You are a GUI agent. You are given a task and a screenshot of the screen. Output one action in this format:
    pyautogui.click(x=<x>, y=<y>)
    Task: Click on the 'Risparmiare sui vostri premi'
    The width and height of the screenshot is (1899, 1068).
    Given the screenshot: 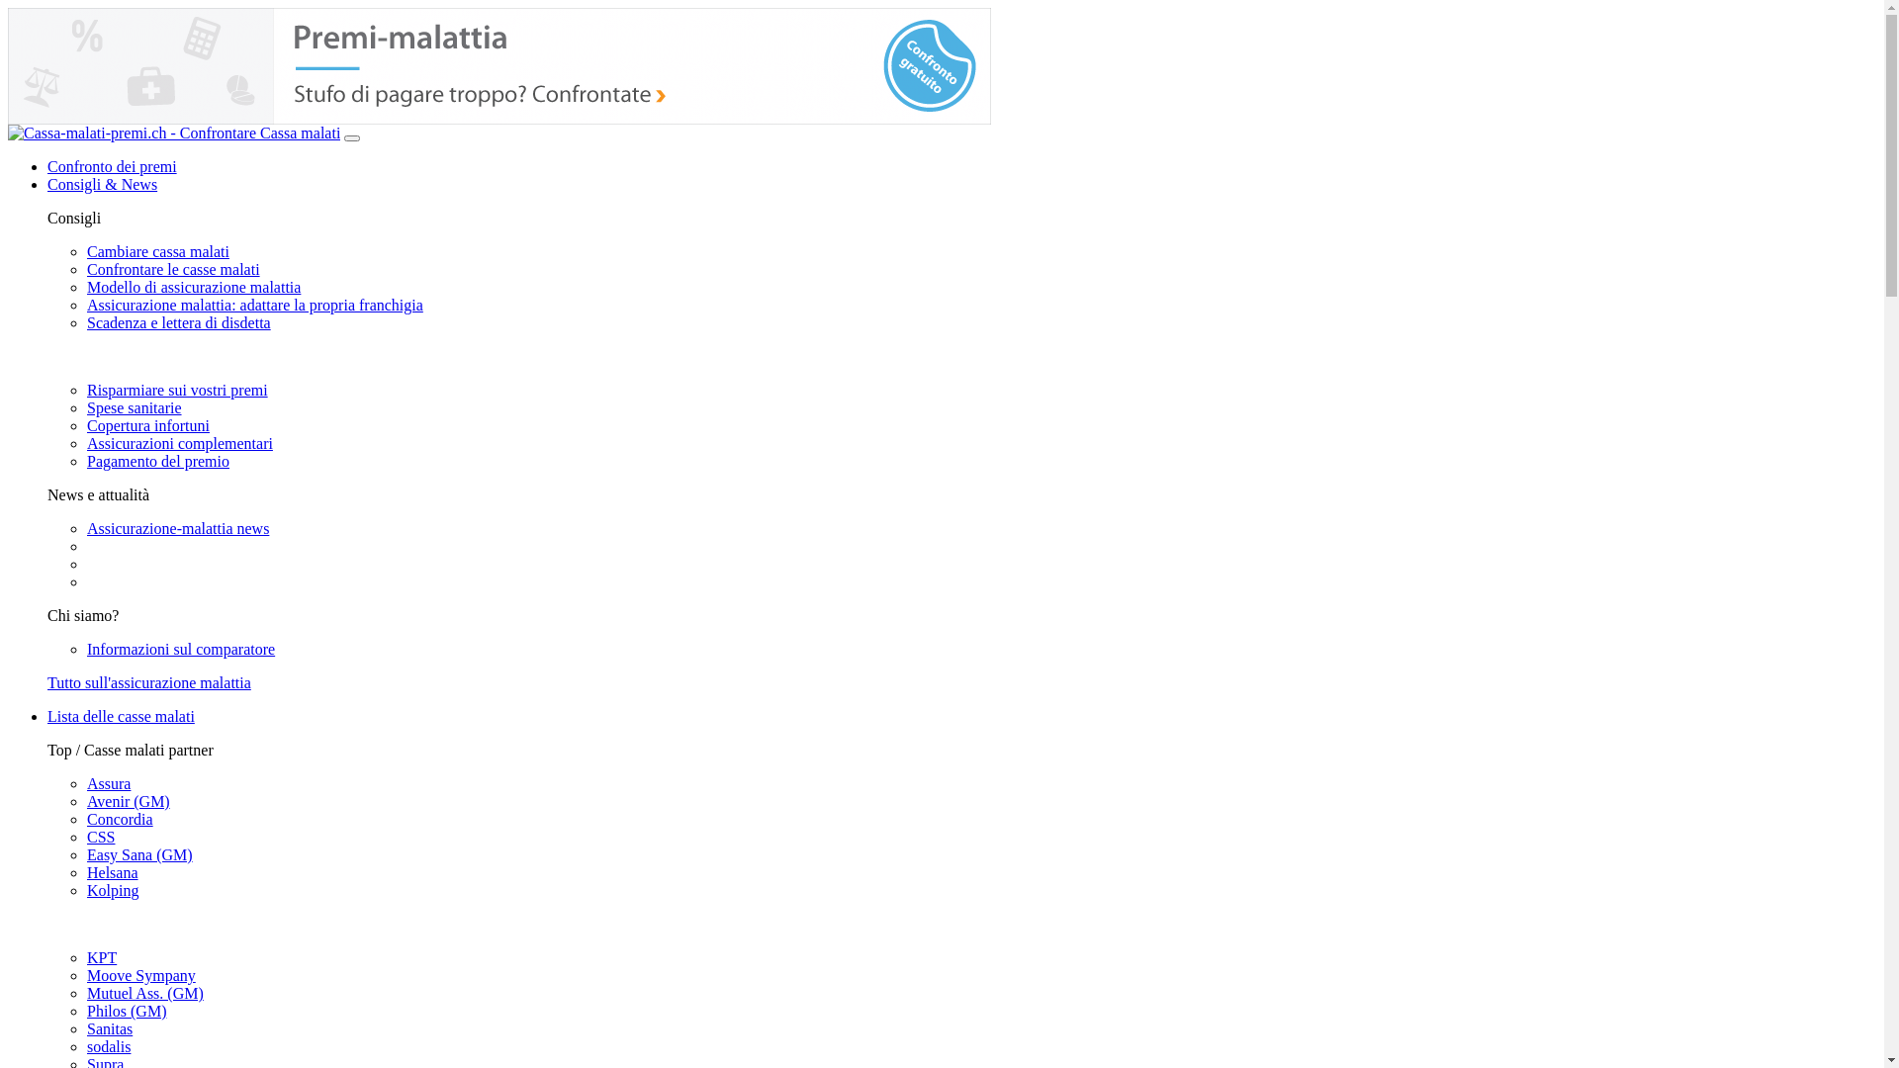 What is the action you would take?
    pyautogui.click(x=85, y=390)
    